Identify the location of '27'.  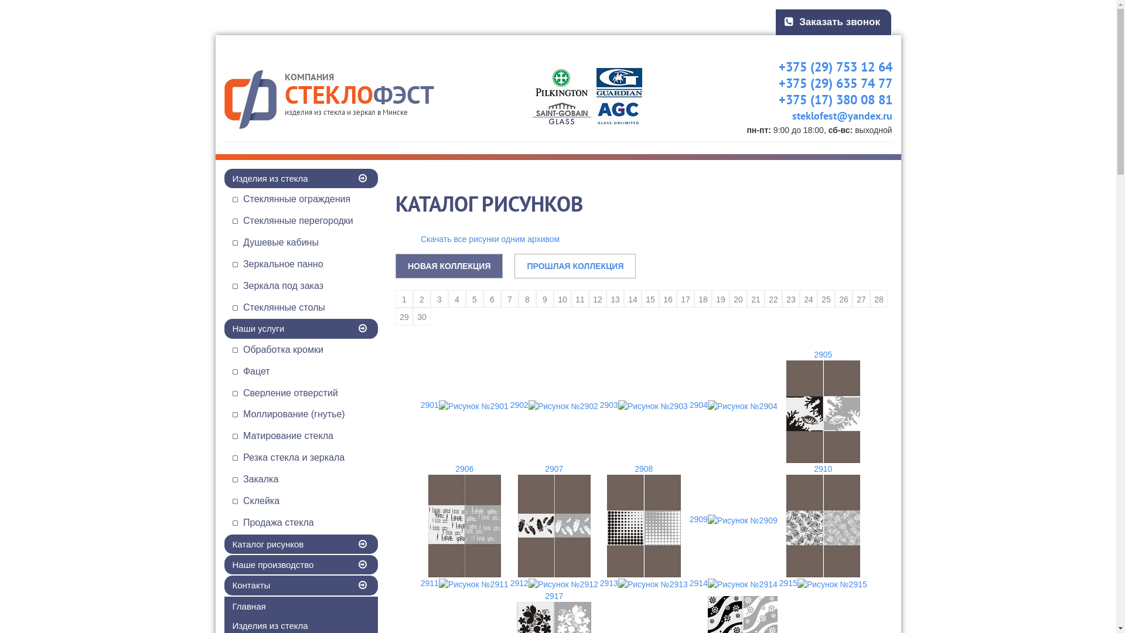
(861, 298).